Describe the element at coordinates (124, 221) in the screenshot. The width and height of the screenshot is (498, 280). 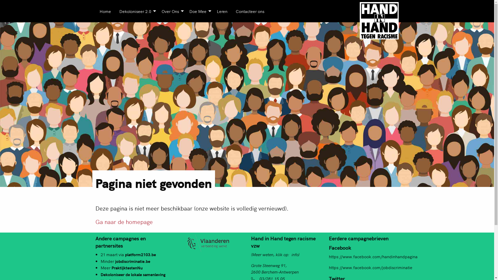
I see `'Ga naar de homepage'` at that location.